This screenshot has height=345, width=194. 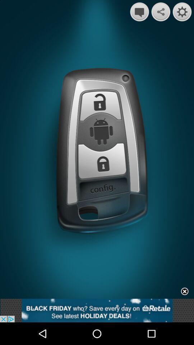 I want to click on lock, so click(x=100, y=106).